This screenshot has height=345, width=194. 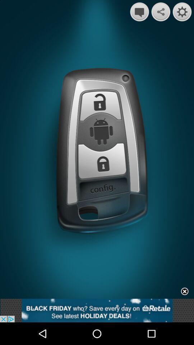 I want to click on lock, so click(x=100, y=106).